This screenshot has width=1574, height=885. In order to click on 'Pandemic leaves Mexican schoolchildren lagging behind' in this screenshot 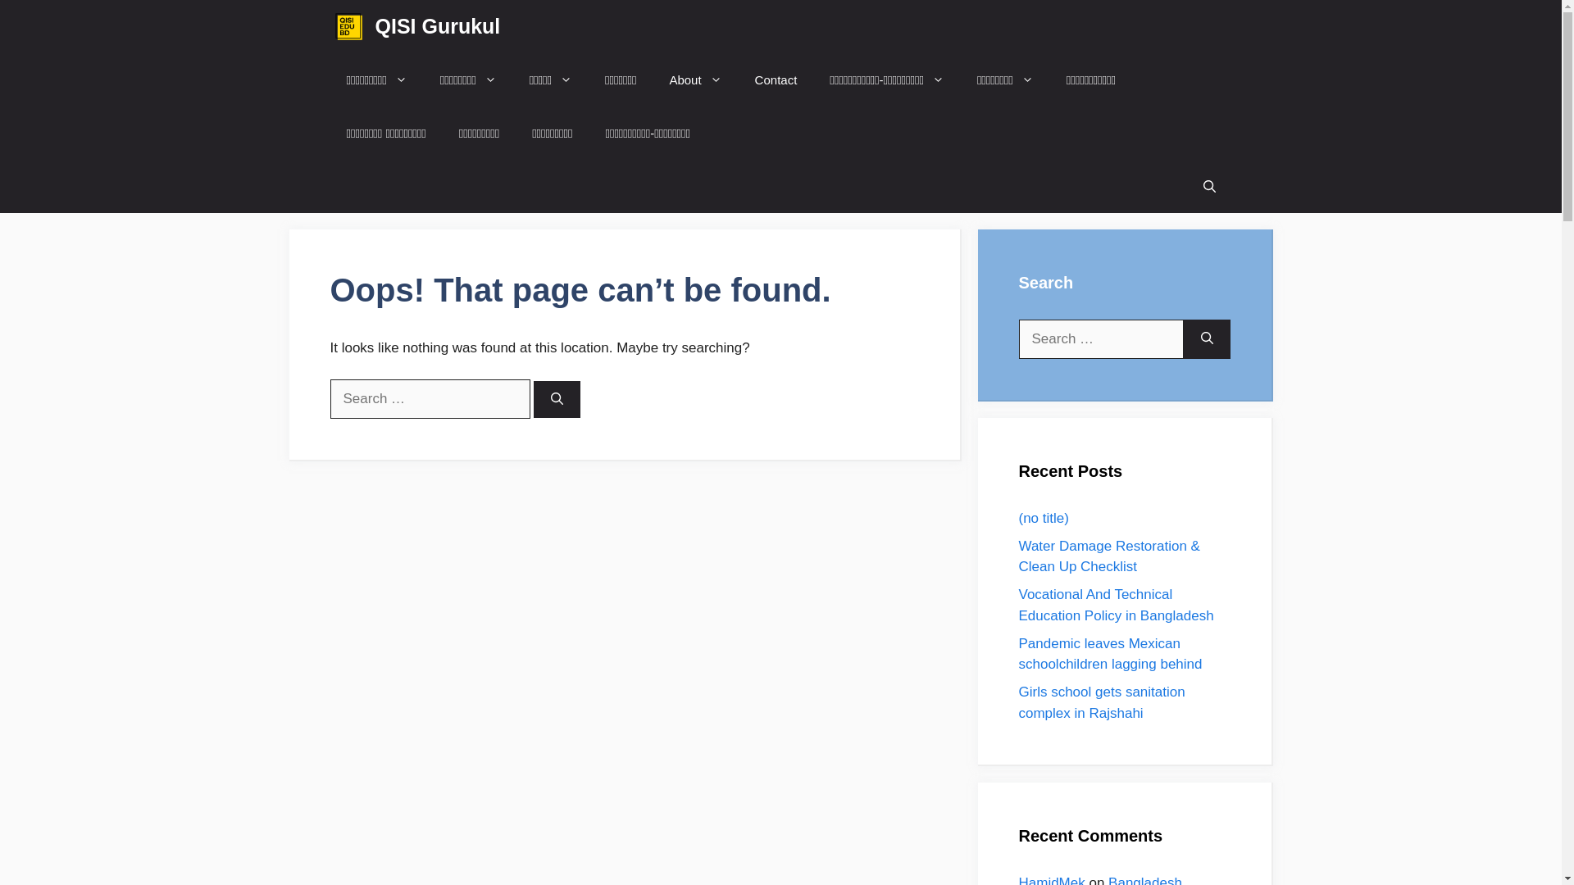, I will do `click(1017, 653)`.